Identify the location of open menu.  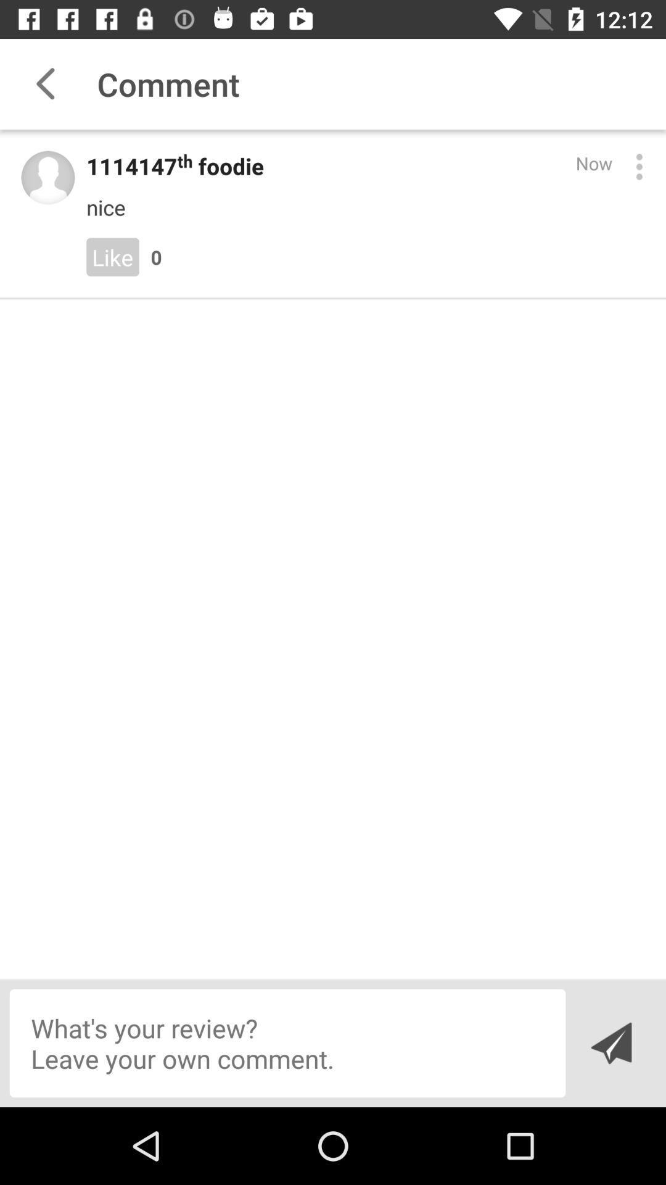
(638, 165).